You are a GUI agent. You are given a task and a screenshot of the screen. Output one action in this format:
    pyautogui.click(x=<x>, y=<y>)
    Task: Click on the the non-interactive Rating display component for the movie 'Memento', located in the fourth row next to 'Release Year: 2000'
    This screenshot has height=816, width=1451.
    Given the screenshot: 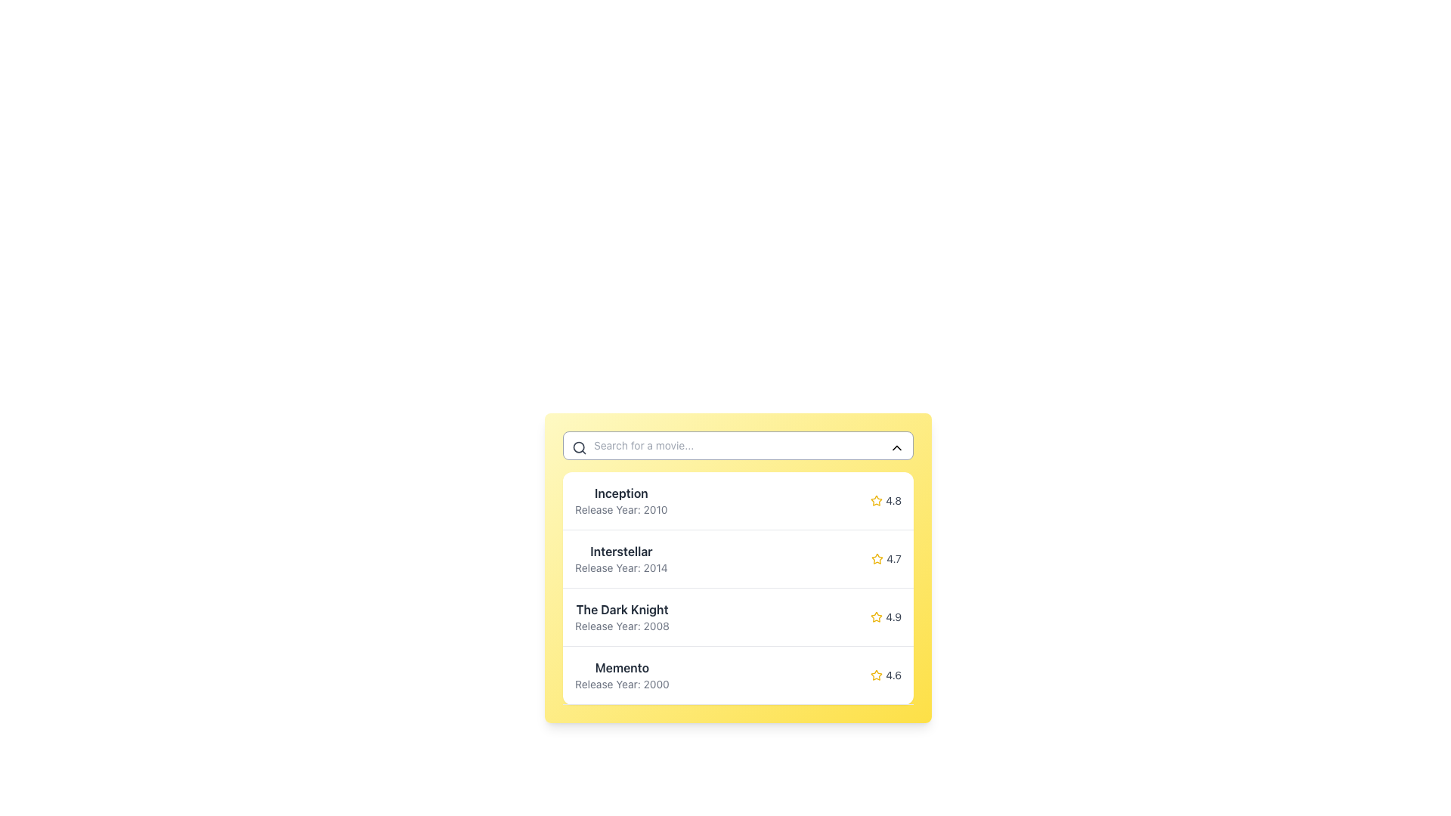 What is the action you would take?
    pyautogui.click(x=886, y=675)
    